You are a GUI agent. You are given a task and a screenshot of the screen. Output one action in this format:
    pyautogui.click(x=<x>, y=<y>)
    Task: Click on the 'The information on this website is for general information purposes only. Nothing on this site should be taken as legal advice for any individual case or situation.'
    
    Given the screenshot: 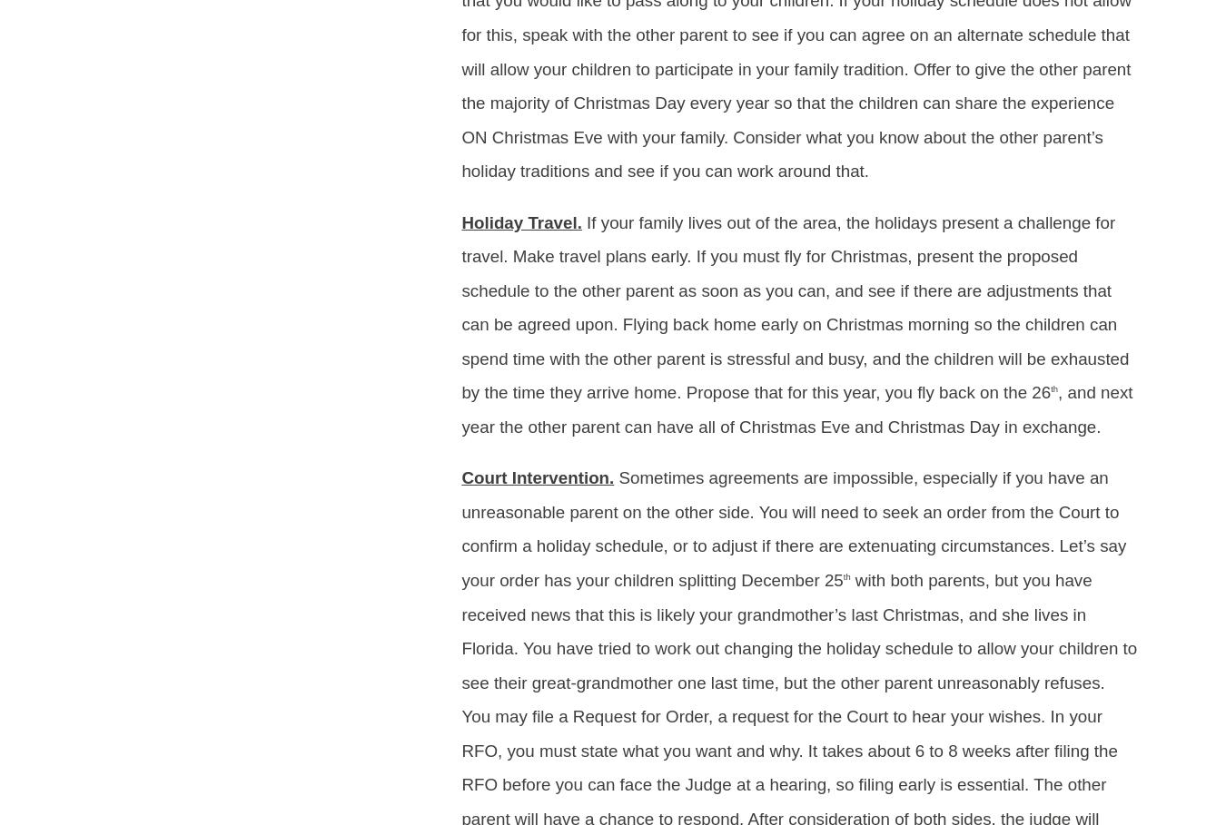 What is the action you would take?
    pyautogui.click(x=413, y=133)
    